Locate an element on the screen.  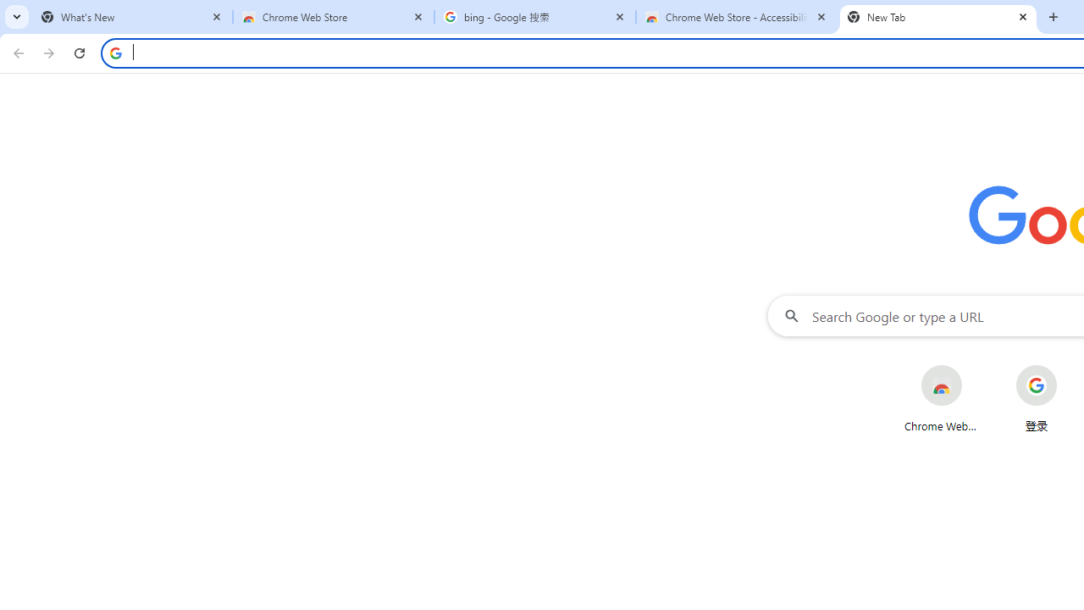
'Chrome Web Store - Accessibility' is located at coordinates (737, 17).